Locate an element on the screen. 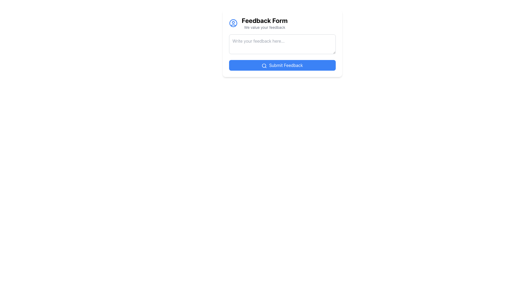 This screenshot has height=288, width=512. the feedback submission button located at the bottom of the feedback form is located at coordinates (282, 65).